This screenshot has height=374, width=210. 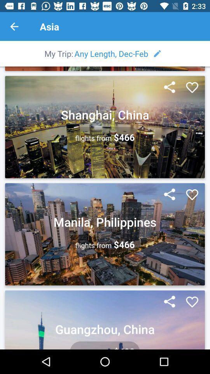 I want to click on share, so click(x=169, y=194).